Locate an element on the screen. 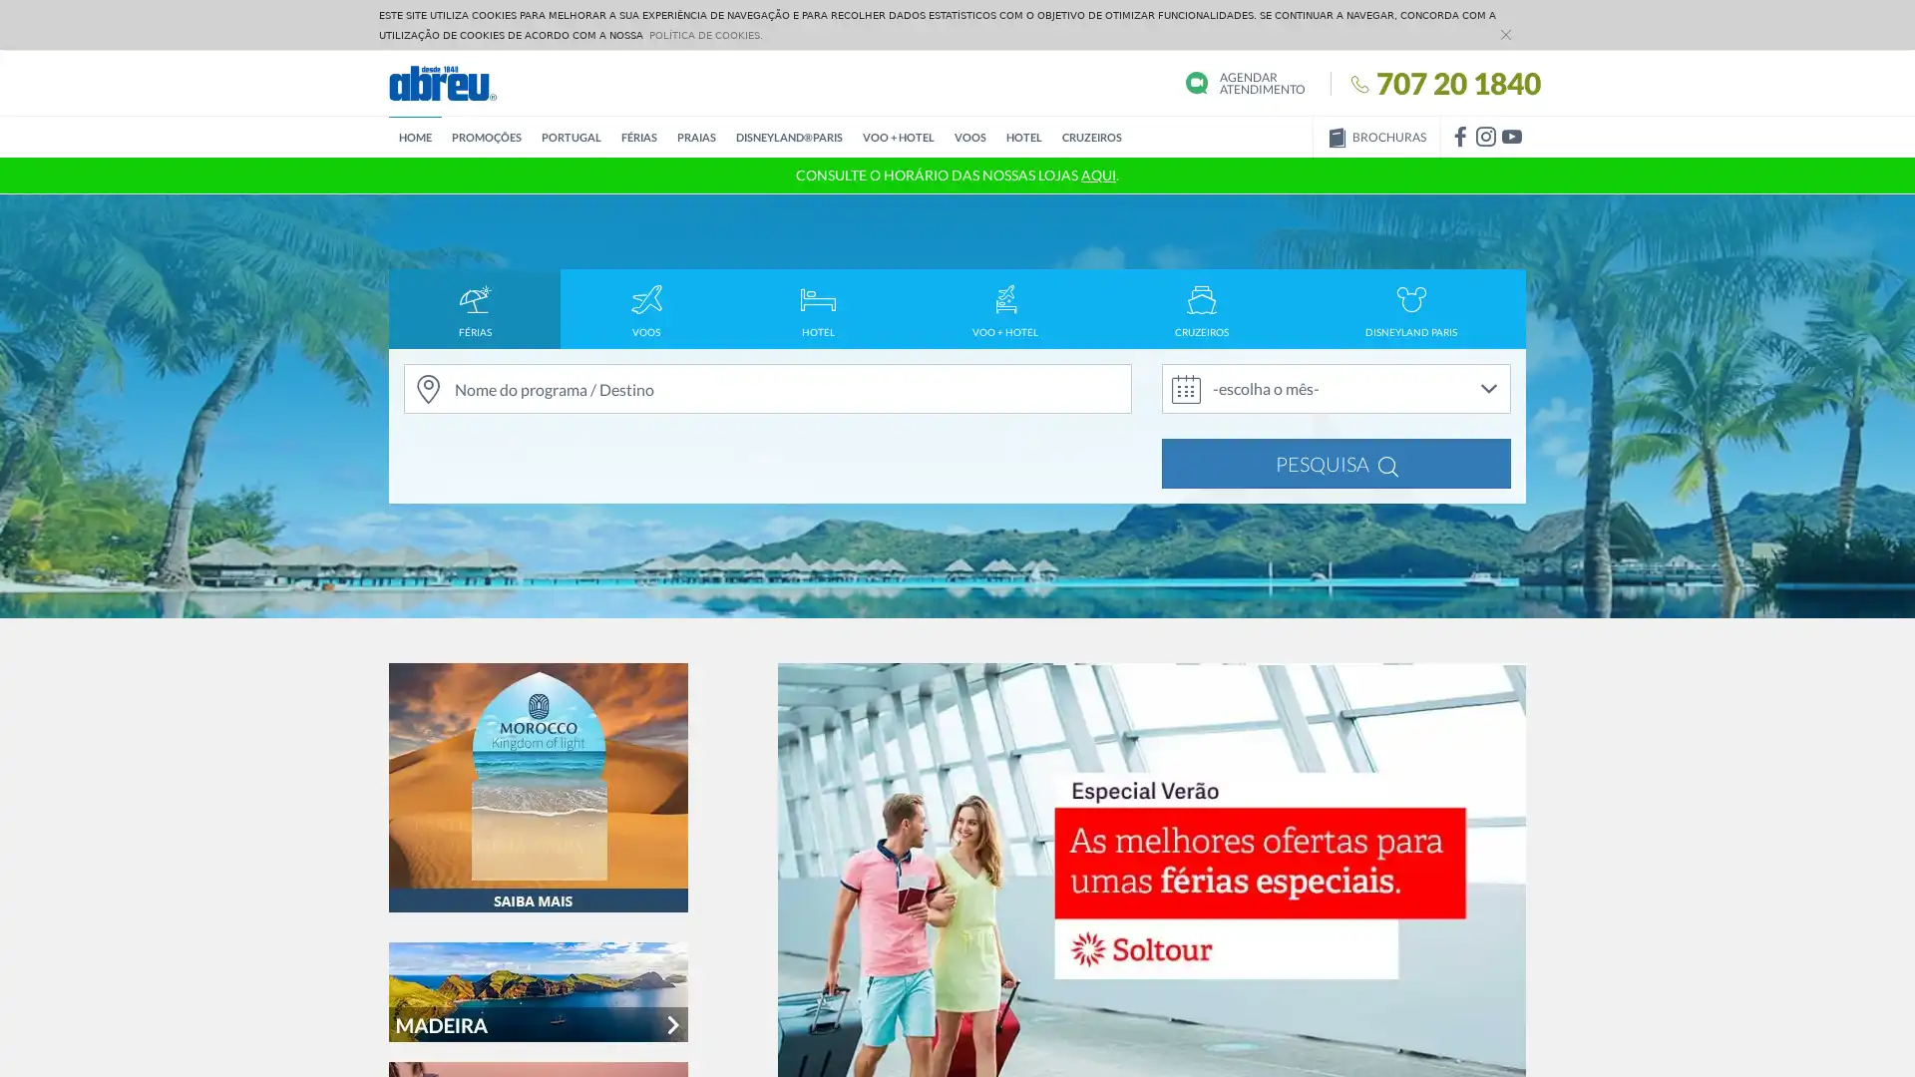 This screenshot has width=1915, height=1077. PESQUISA is located at coordinates (1336, 464).